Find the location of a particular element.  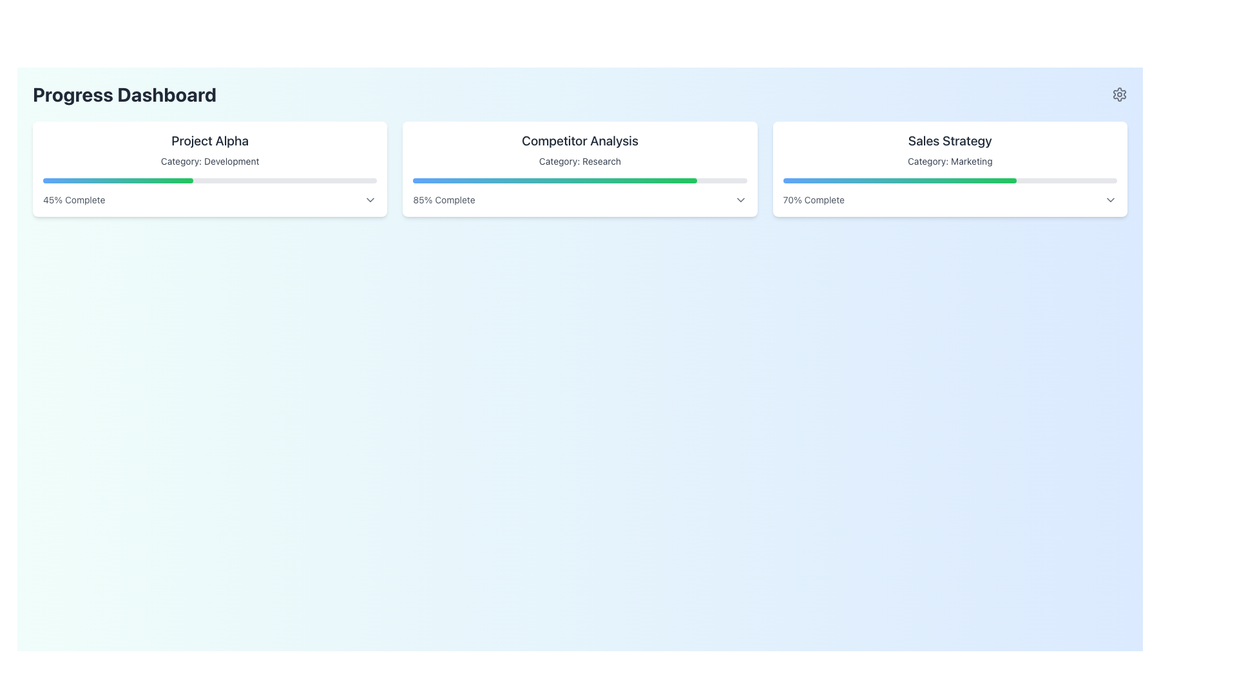

the progress visually by interacting with the progress bar indicating 85% completion within the 'Competitor Analysis' card is located at coordinates (579, 181).